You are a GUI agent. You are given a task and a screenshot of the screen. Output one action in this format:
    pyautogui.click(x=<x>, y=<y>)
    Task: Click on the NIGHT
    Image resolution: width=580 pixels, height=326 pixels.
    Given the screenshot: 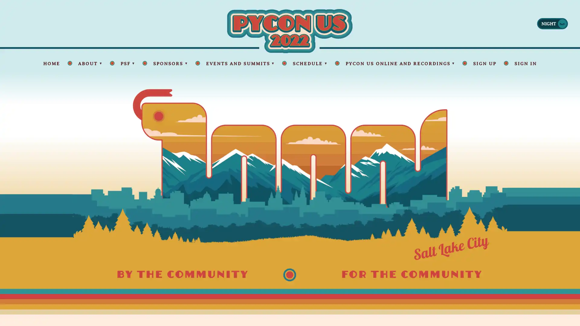 What is the action you would take?
    pyautogui.click(x=552, y=23)
    